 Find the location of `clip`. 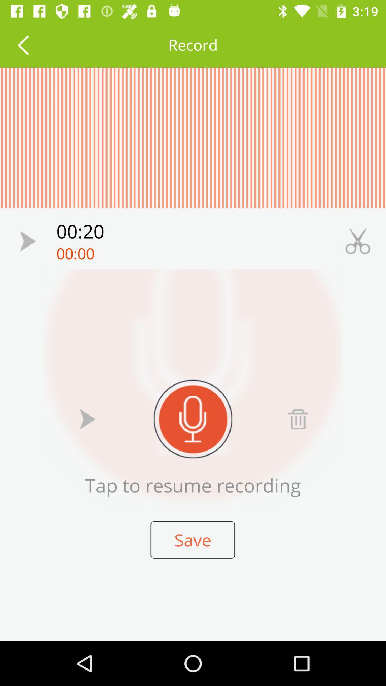

clip is located at coordinates (28, 241).